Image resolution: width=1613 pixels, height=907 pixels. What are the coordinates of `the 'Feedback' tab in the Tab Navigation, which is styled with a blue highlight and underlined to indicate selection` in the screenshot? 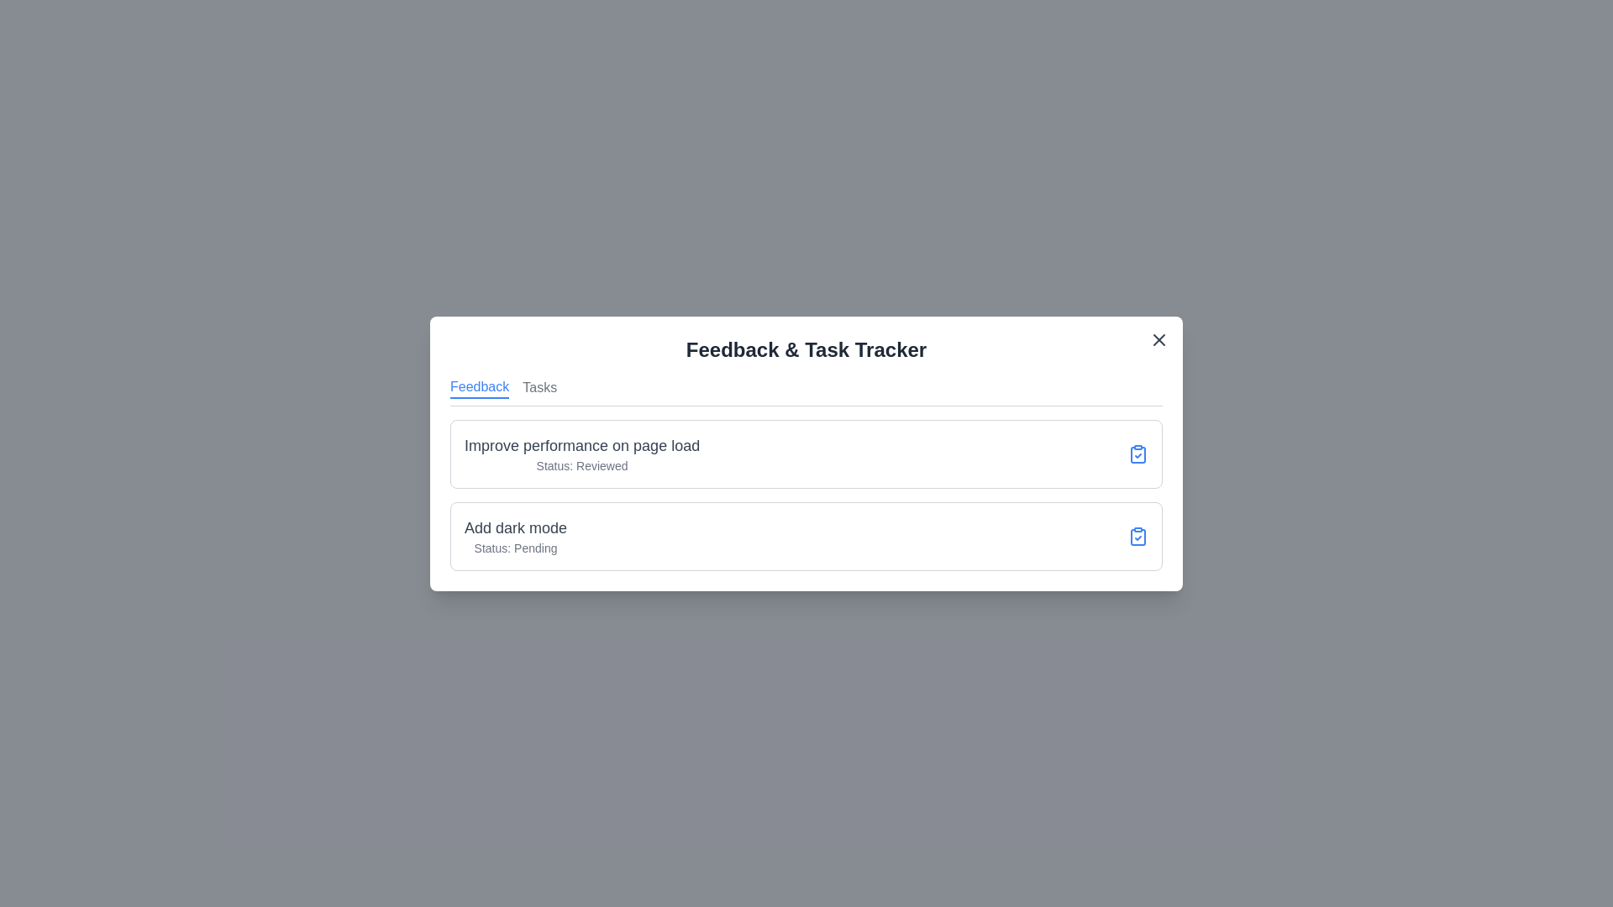 It's located at (806, 391).